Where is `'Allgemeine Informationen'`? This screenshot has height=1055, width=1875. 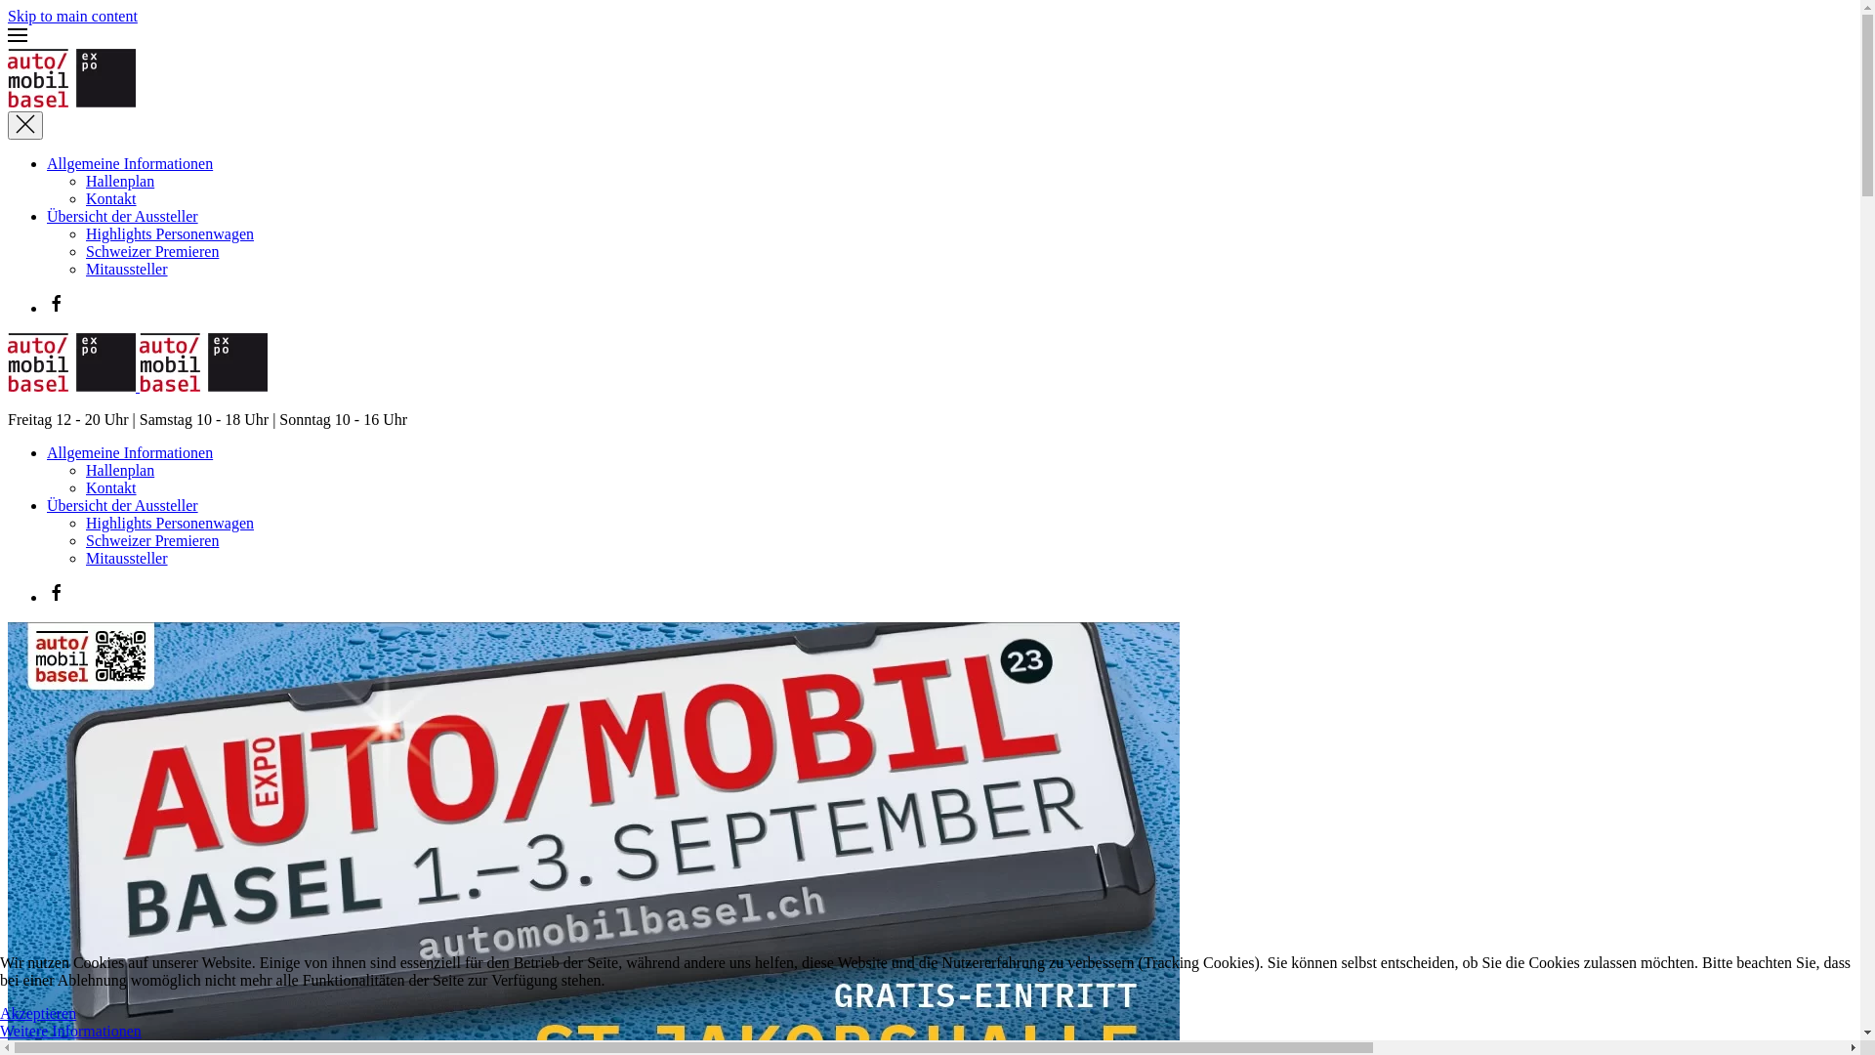 'Allgemeine Informationen' is located at coordinates (129, 452).